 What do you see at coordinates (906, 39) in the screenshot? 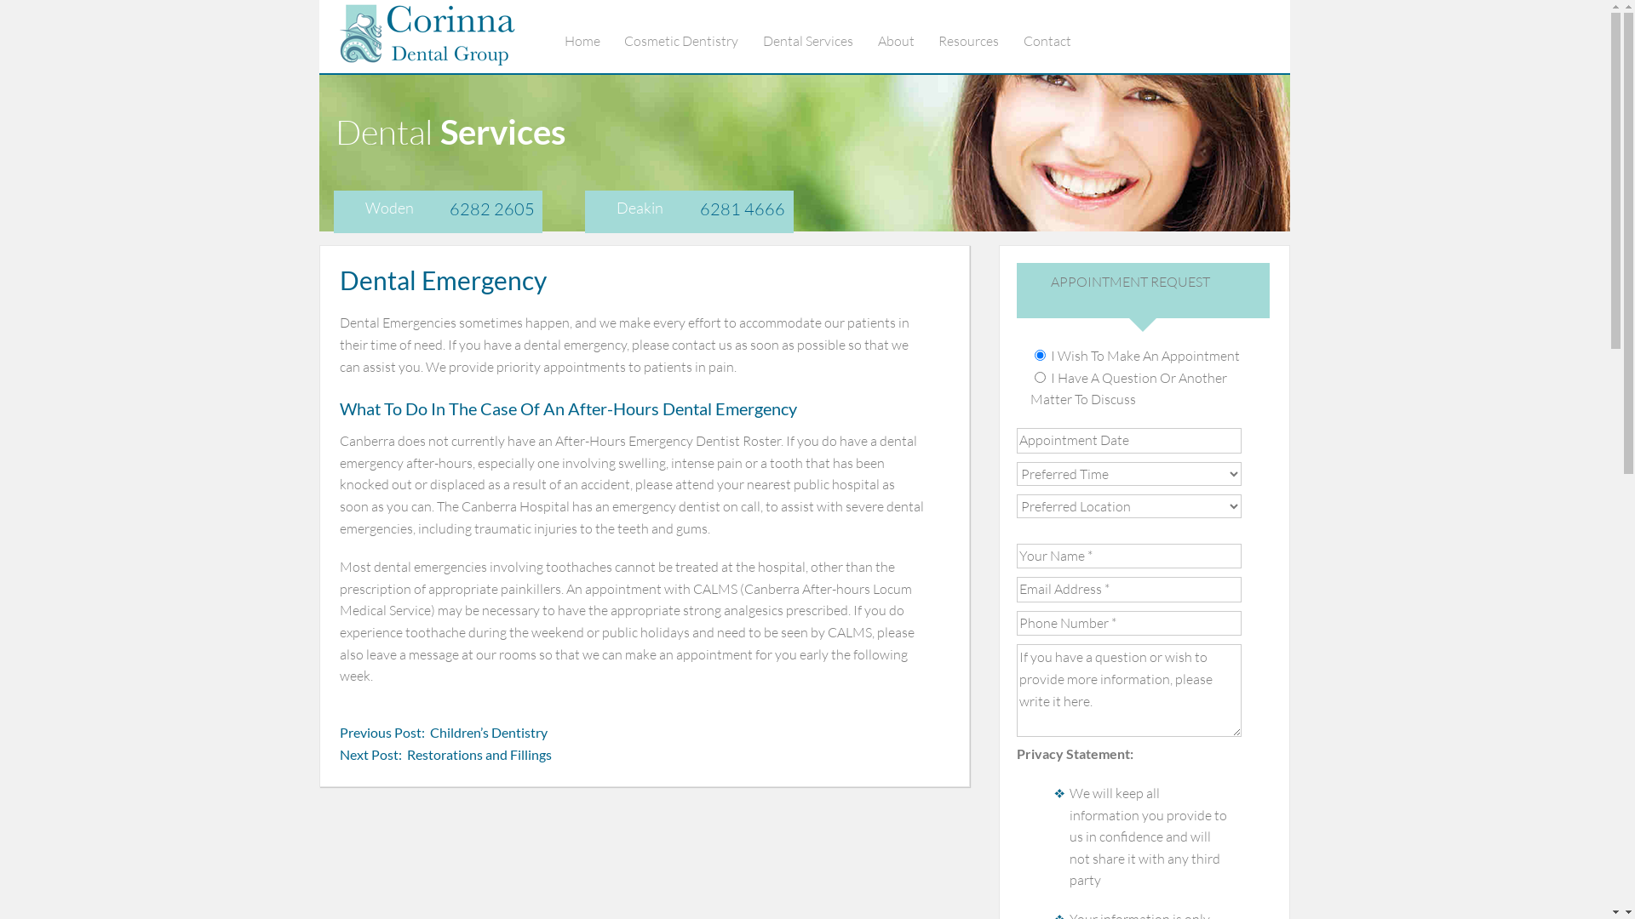
I see `'About'` at bounding box center [906, 39].